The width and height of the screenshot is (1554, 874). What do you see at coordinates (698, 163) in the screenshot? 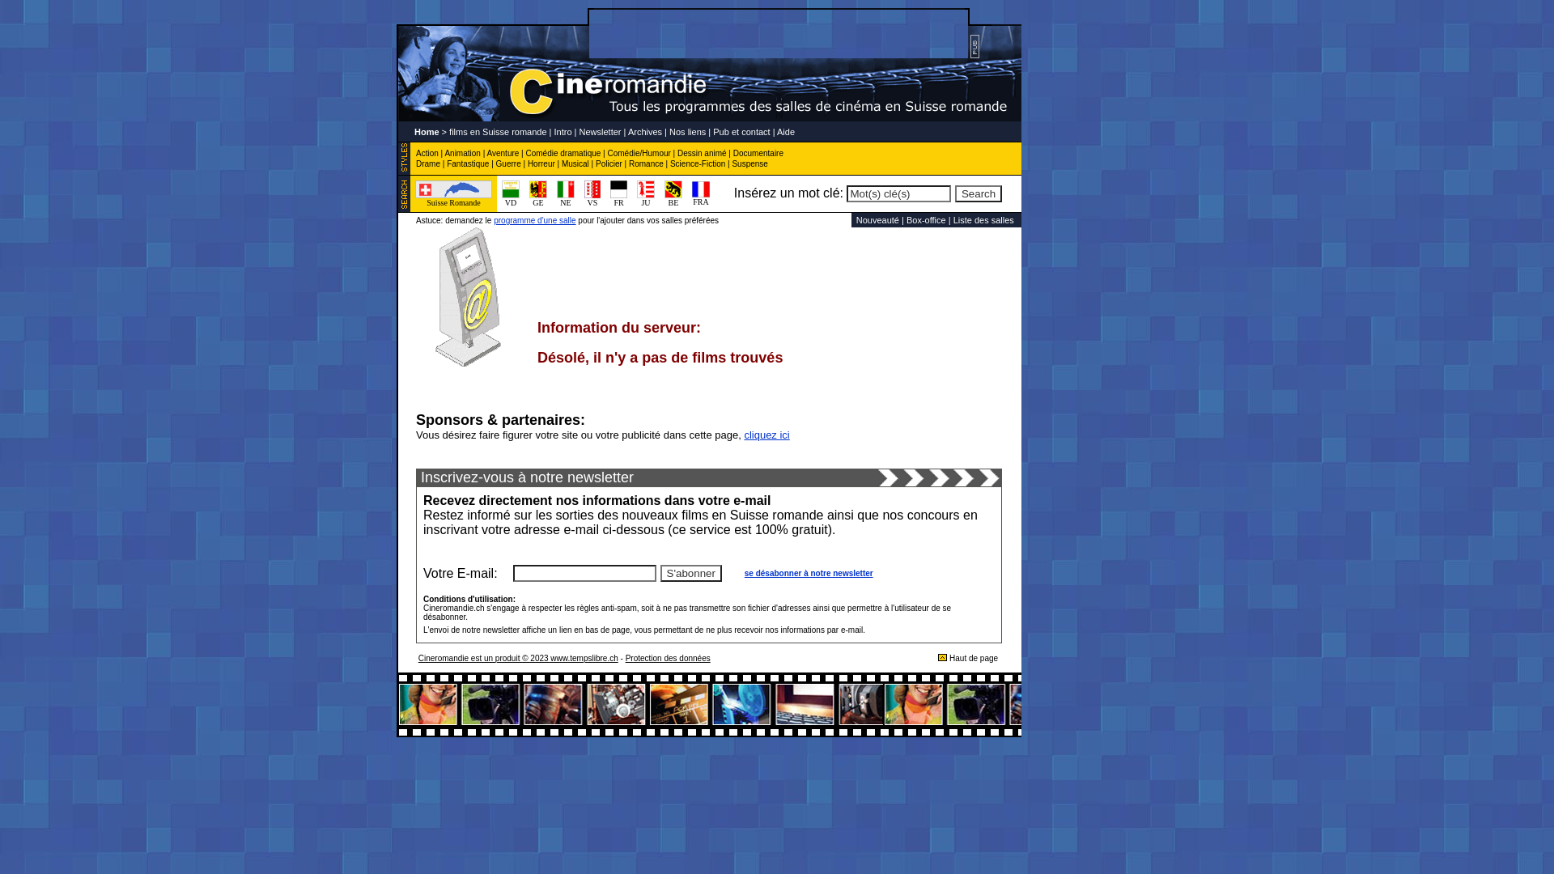
I see `'Science-Fiction'` at bounding box center [698, 163].